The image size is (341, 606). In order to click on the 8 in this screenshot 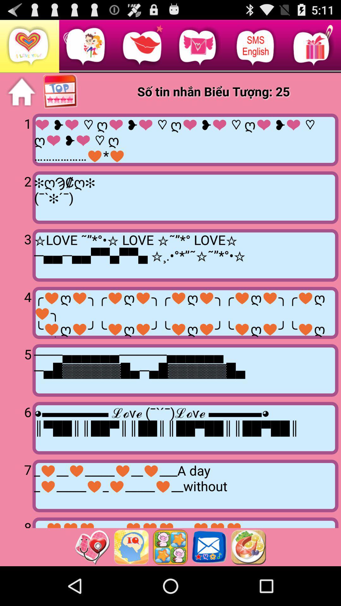, I will do `click(17, 523)`.